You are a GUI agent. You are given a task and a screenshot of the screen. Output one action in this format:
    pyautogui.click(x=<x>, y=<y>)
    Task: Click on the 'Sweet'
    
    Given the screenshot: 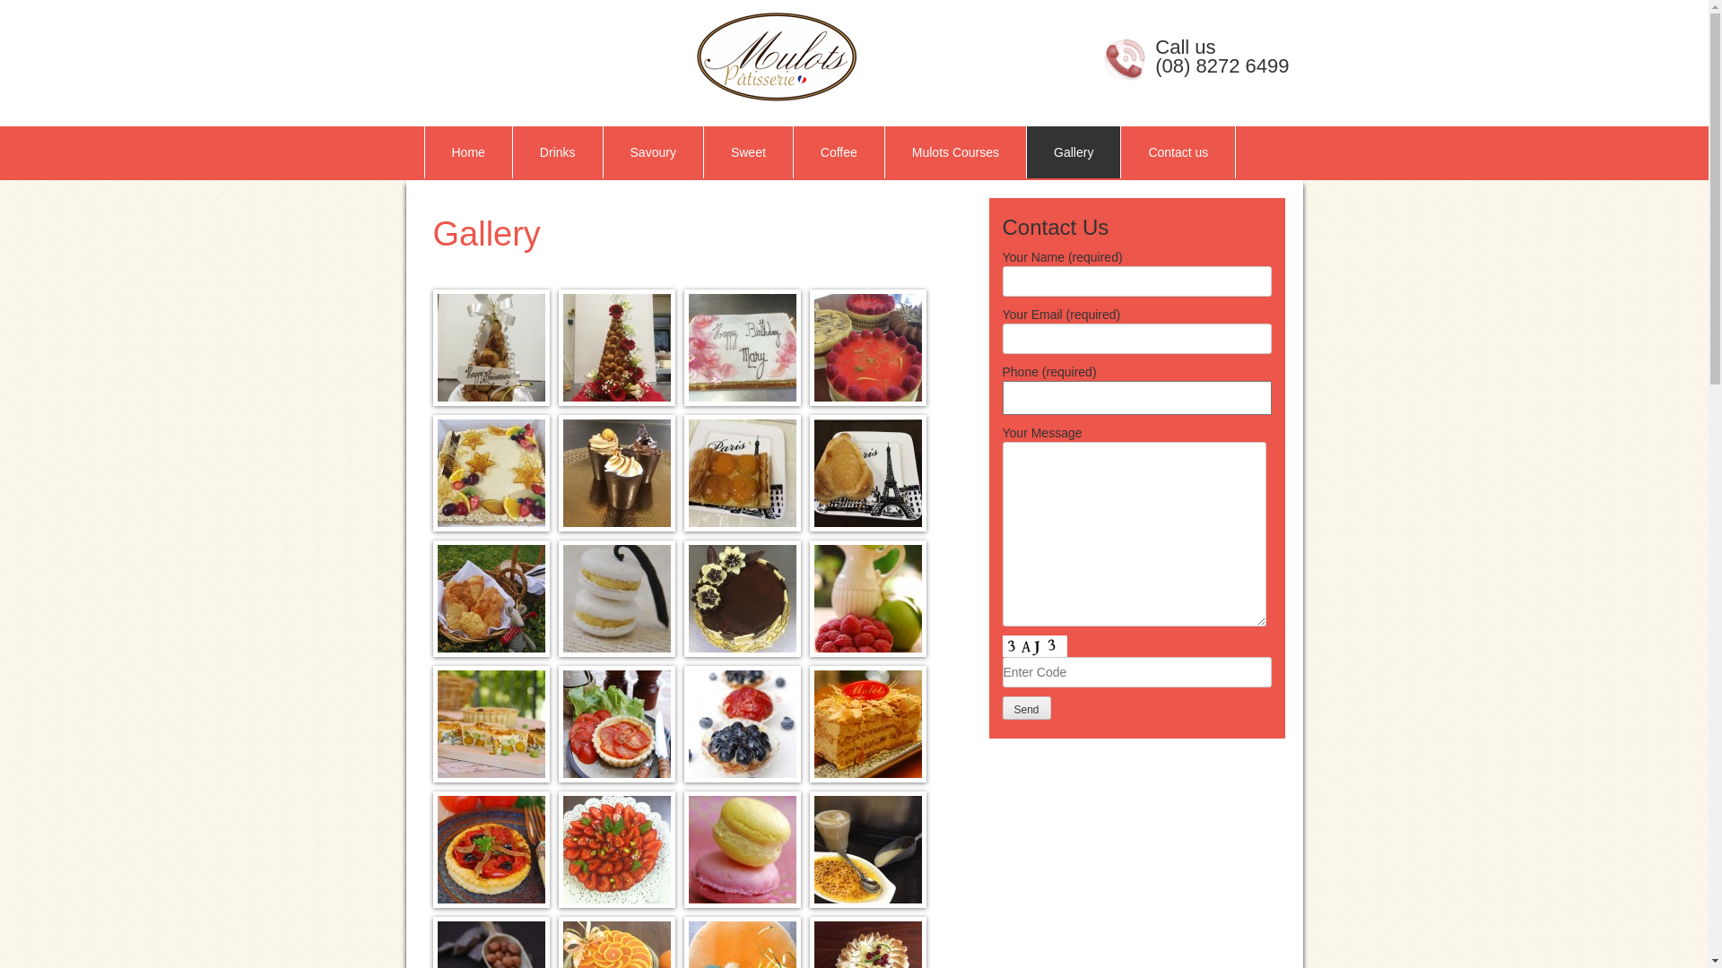 What is the action you would take?
    pyautogui.click(x=748, y=151)
    